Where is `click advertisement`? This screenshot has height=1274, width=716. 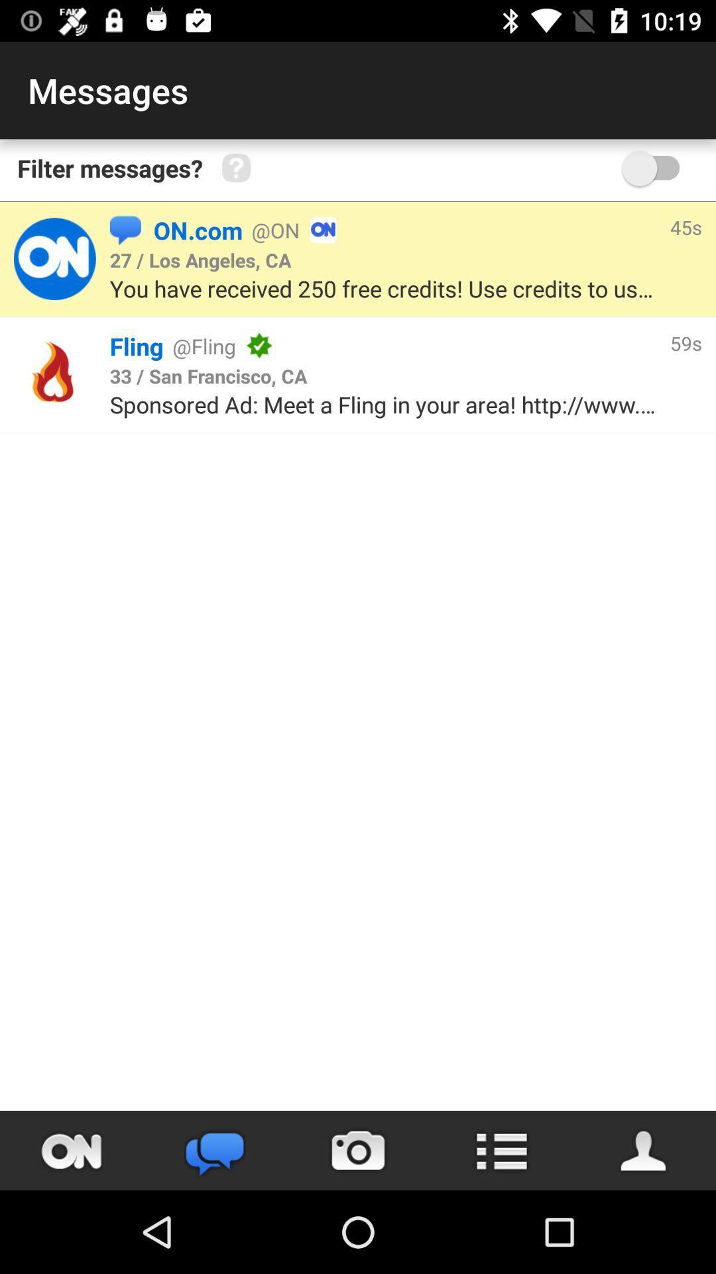 click advertisement is located at coordinates (54, 374).